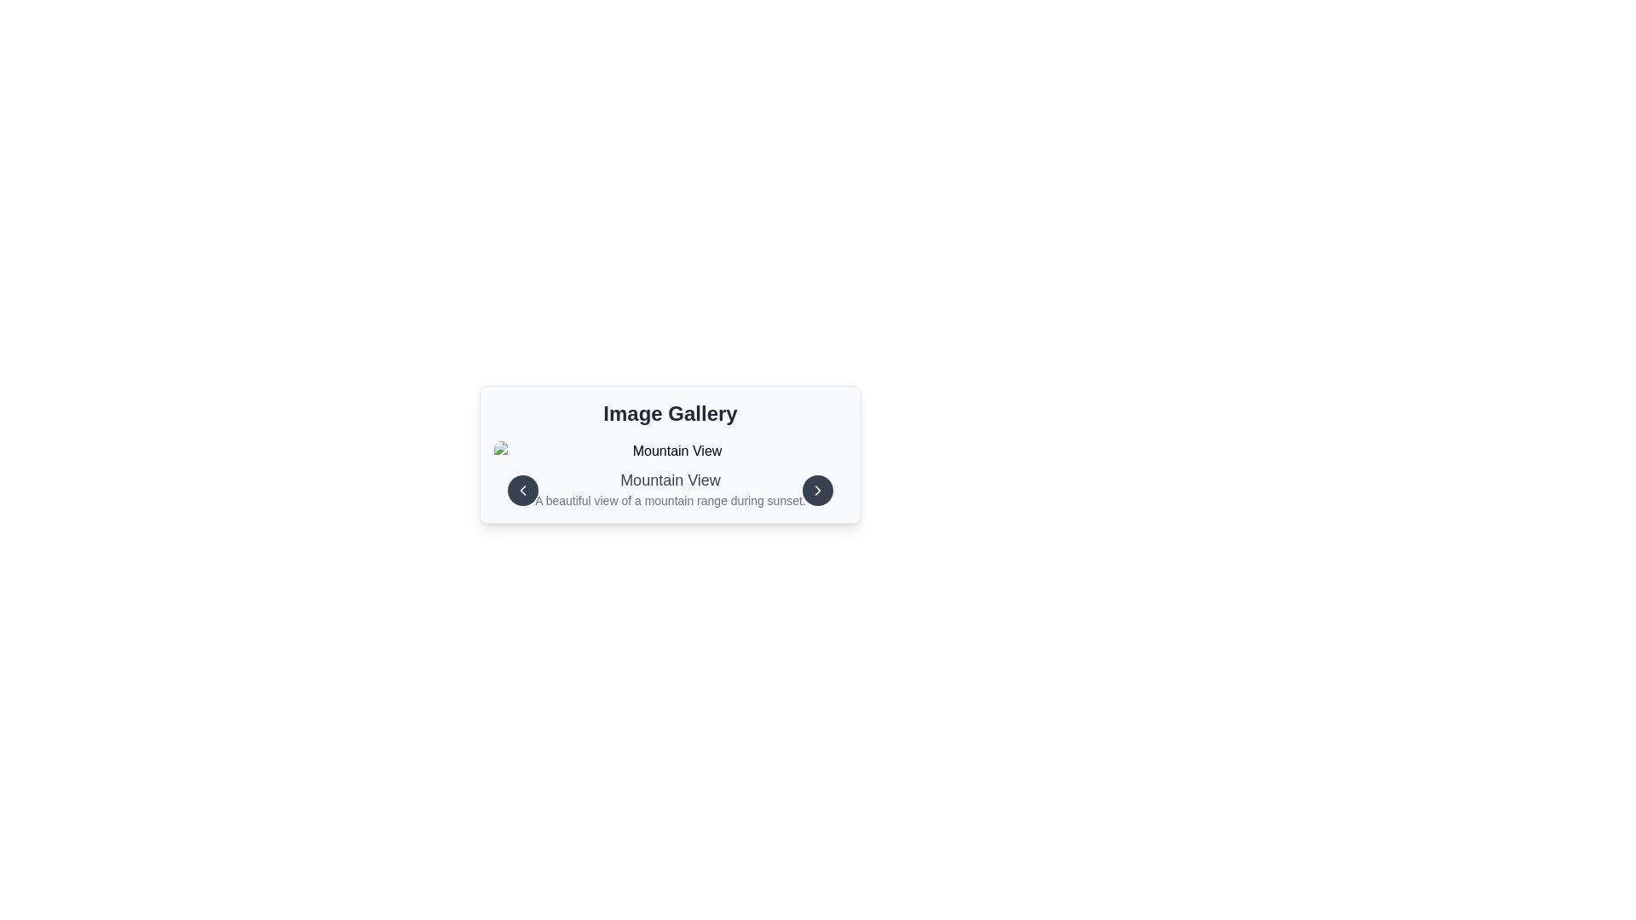  What do you see at coordinates (818, 490) in the screenshot?
I see `the Chevron Icon located within the circular button at the lower right corner of the content card` at bounding box center [818, 490].